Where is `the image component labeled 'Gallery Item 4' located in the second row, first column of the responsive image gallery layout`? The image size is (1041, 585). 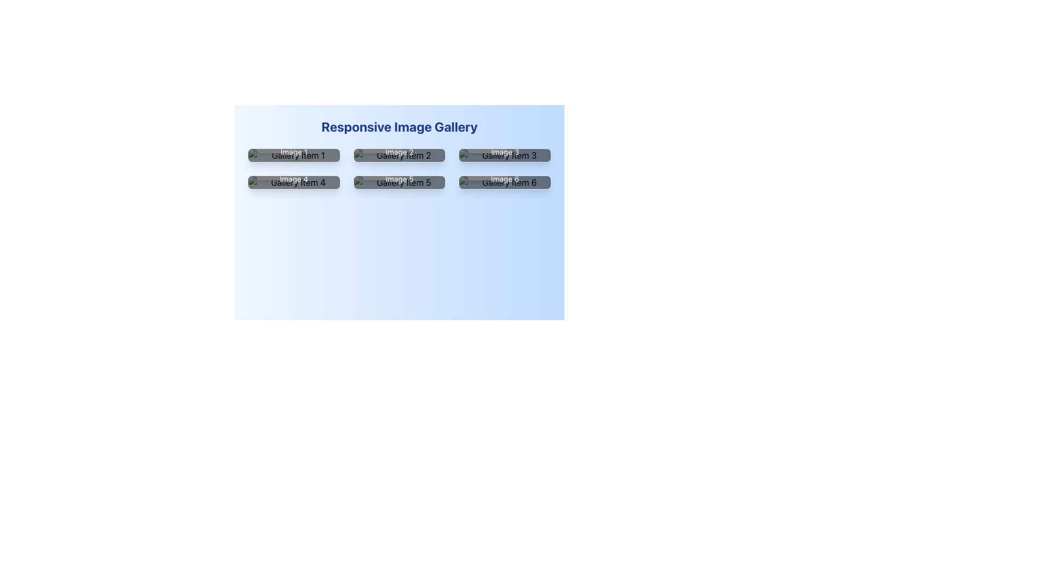 the image component labeled 'Gallery Item 4' located in the second row, first column of the responsive image gallery layout is located at coordinates (294, 181).